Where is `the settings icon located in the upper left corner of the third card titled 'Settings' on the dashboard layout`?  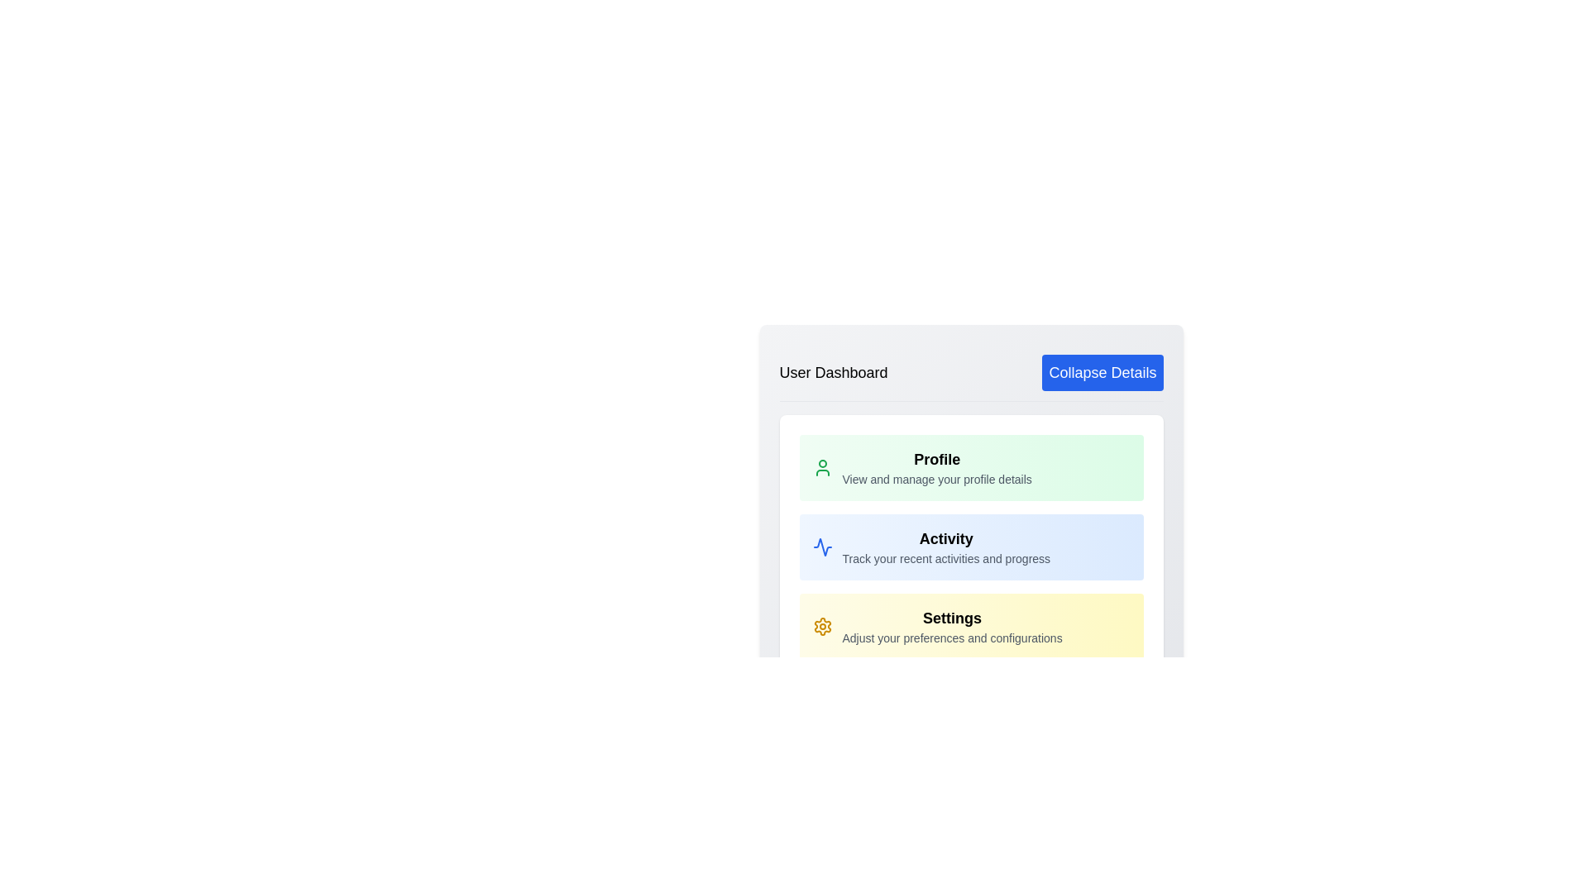 the settings icon located in the upper left corner of the third card titled 'Settings' on the dashboard layout is located at coordinates (822, 627).